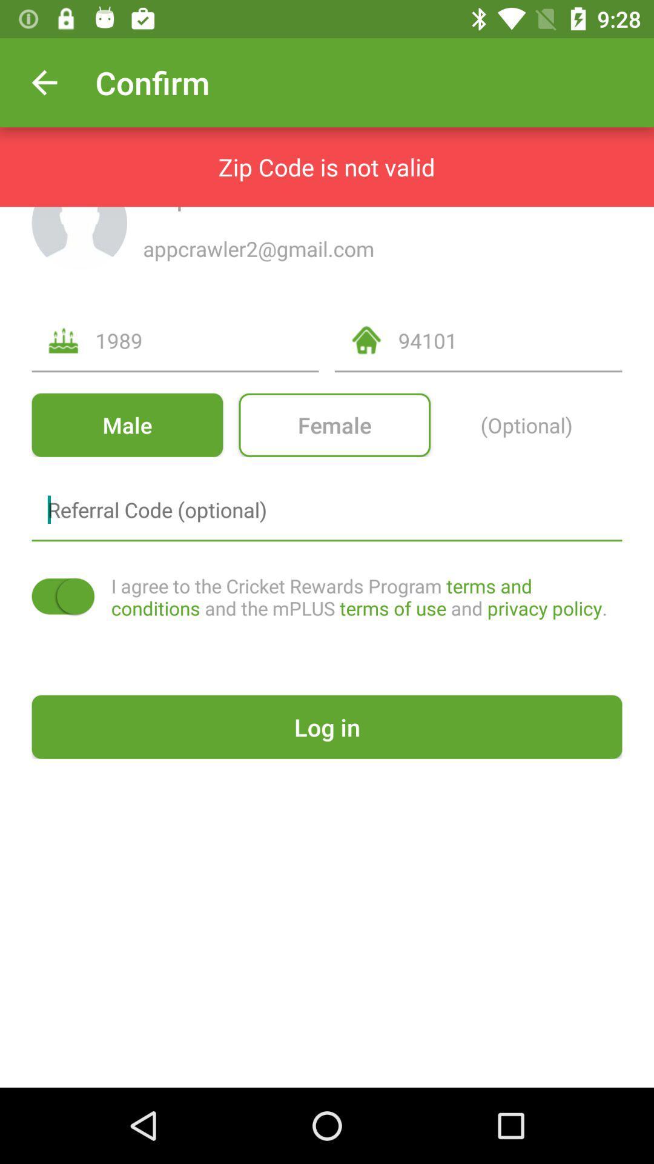 Image resolution: width=654 pixels, height=1164 pixels. What do you see at coordinates (334, 425) in the screenshot?
I see `female item` at bounding box center [334, 425].